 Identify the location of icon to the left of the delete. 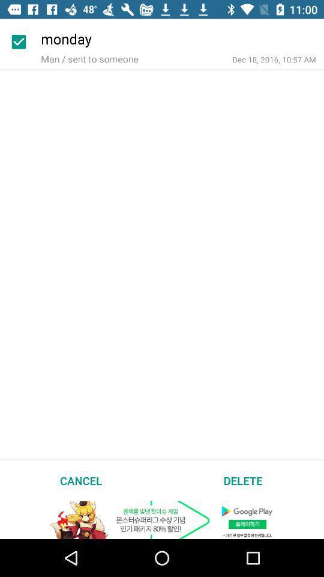
(81, 480).